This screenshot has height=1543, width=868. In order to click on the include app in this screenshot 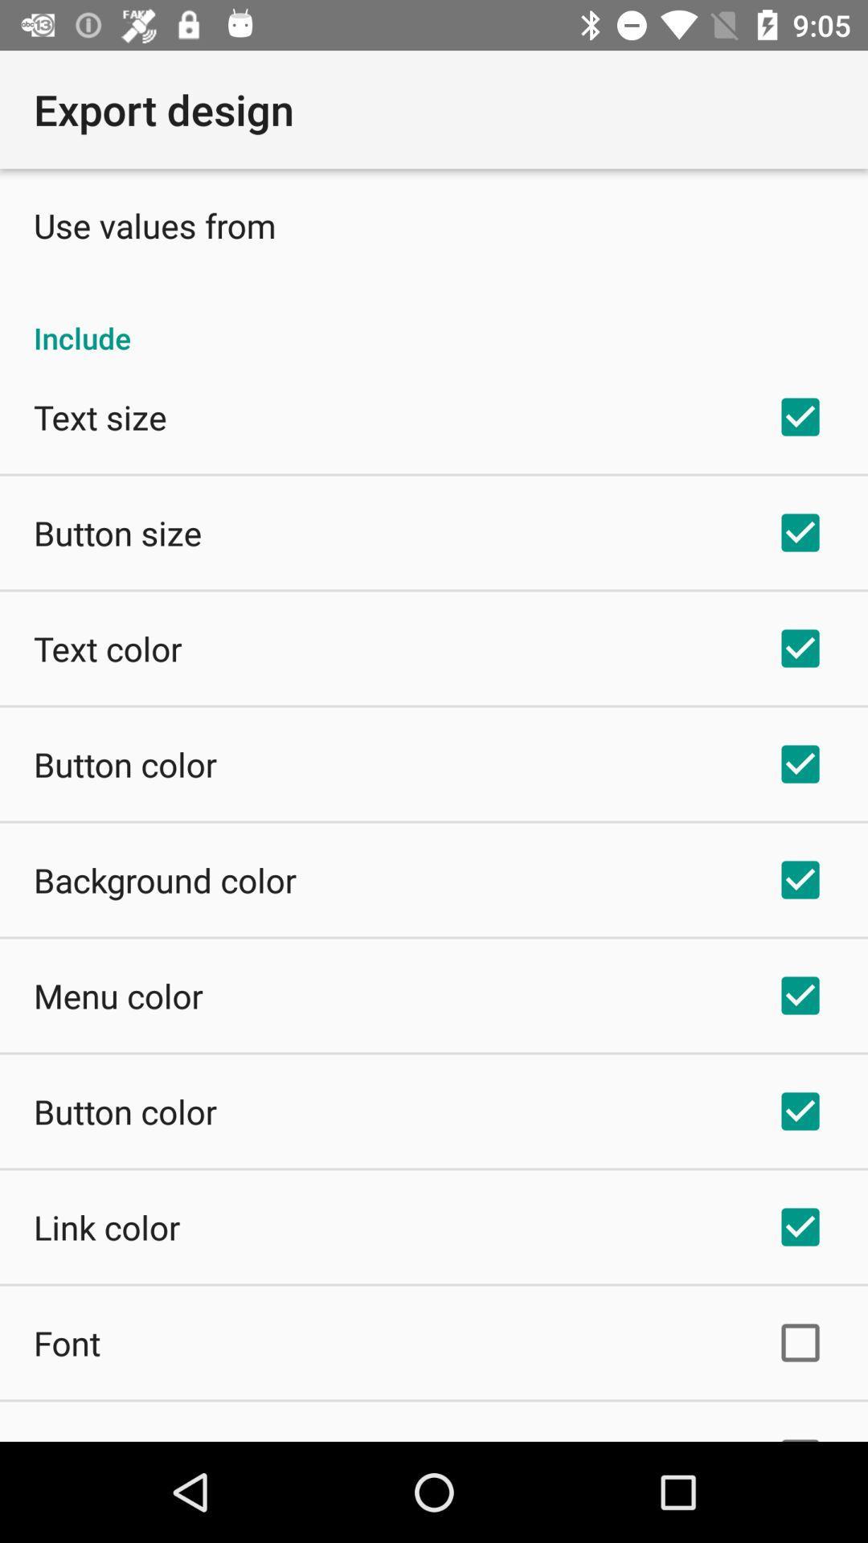, I will do `click(434, 321)`.